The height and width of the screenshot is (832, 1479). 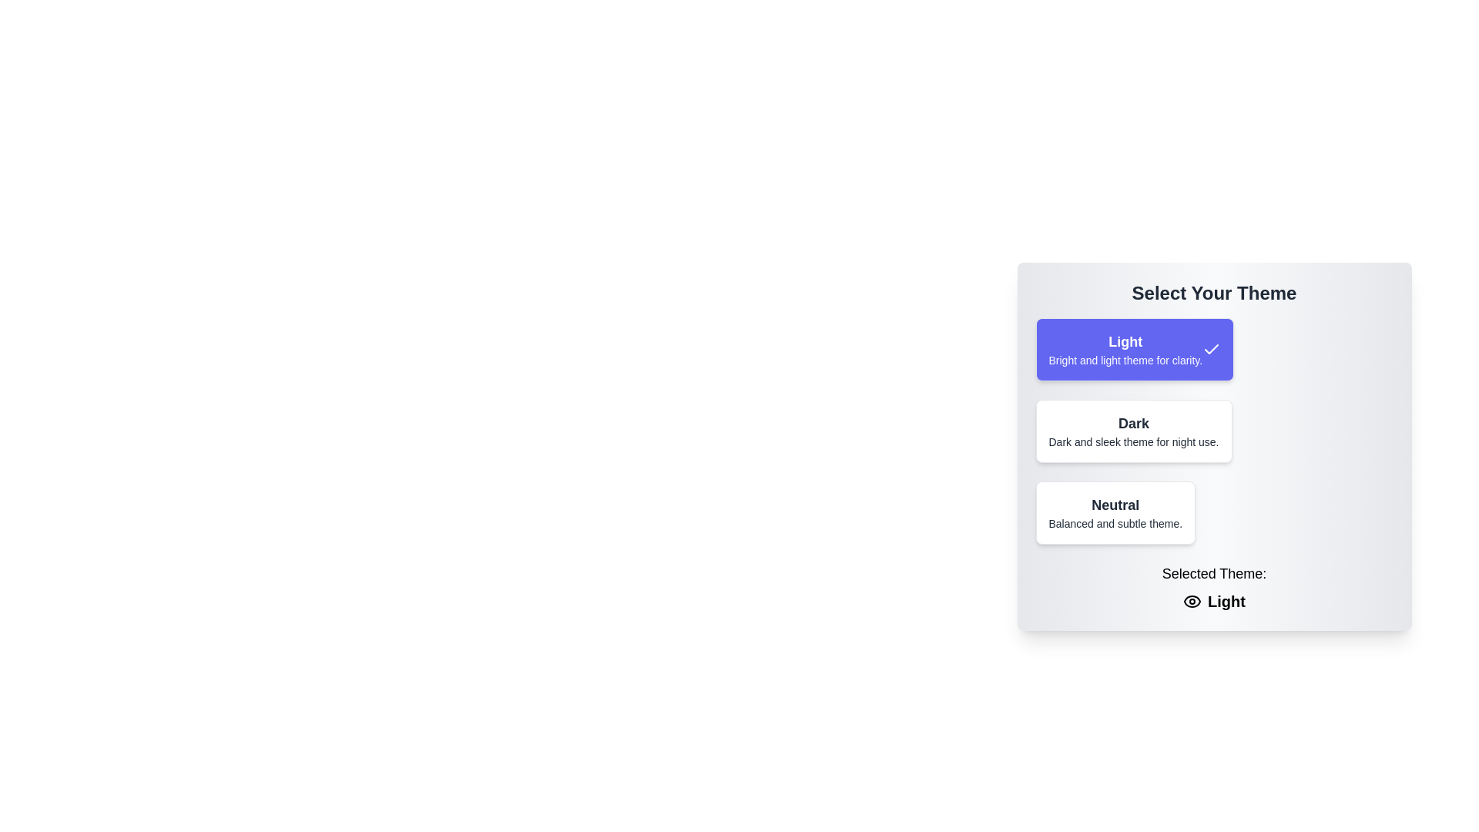 I want to click on on the 'Dark' theme option in the Select Your Theme box, so click(x=1213, y=431).